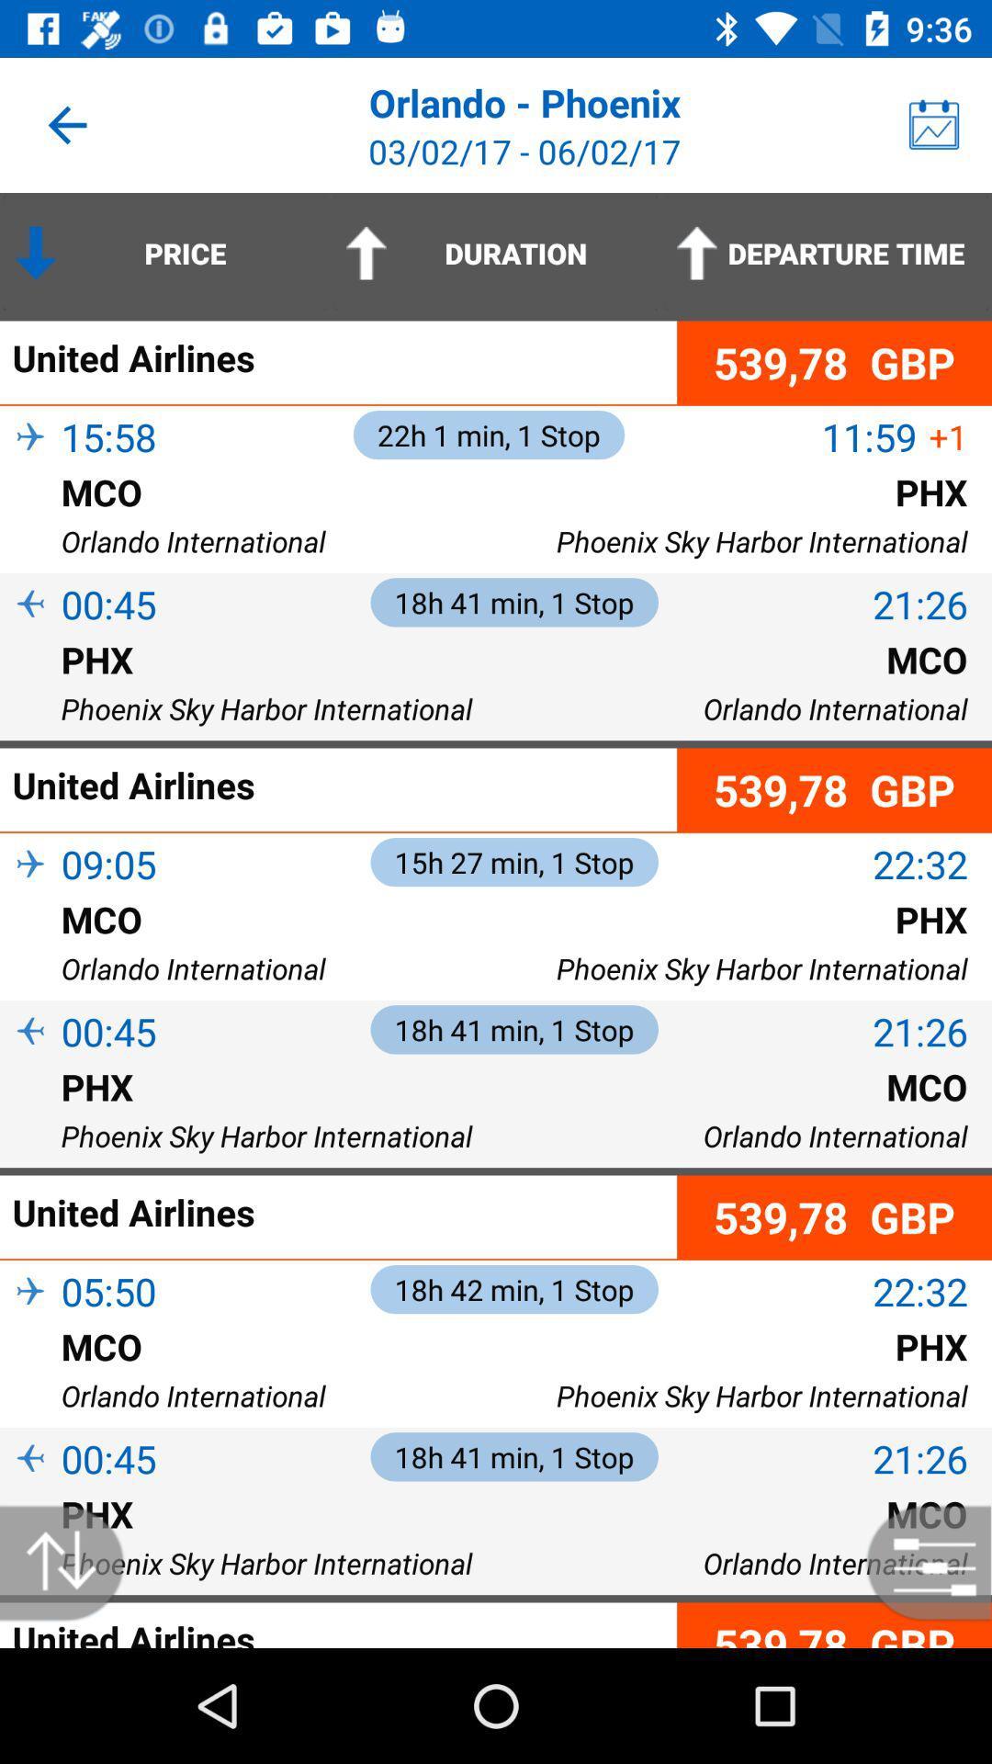  What do you see at coordinates (30, 949) in the screenshot?
I see `item to the left of the mco icon` at bounding box center [30, 949].